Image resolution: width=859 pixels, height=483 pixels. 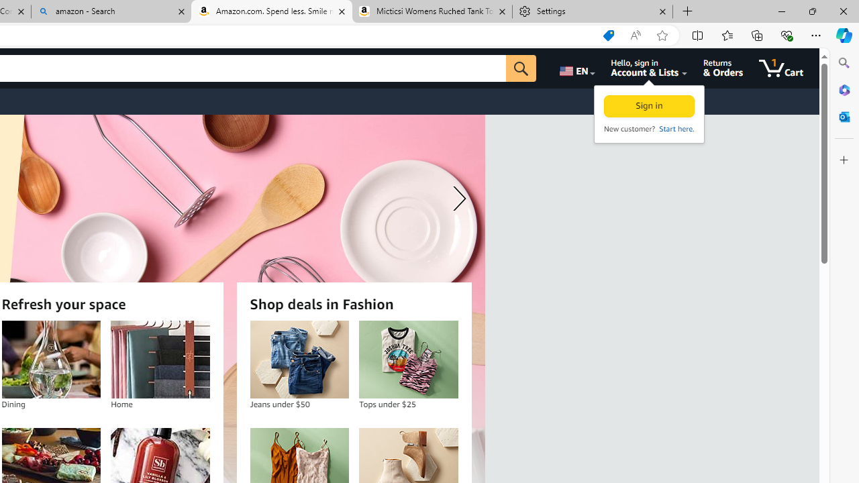 I want to click on 'Shopping in Microsoft Edge', so click(x=607, y=35).